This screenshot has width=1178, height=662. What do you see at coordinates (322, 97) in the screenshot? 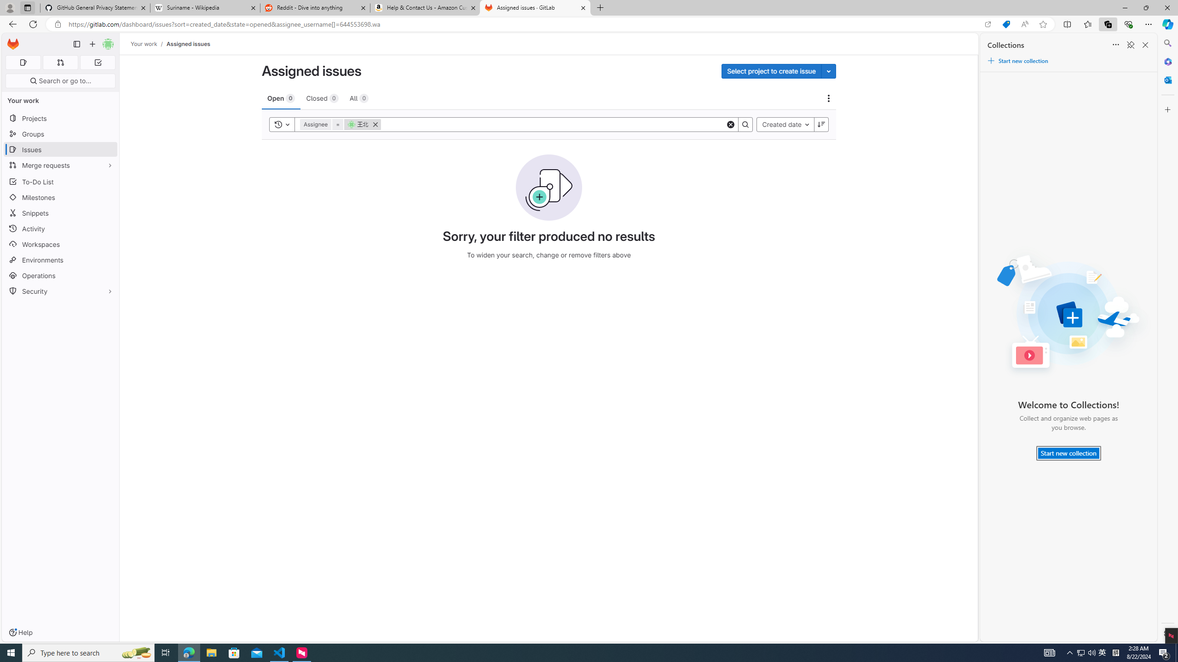
I see `'Closed 0'` at bounding box center [322, 97].